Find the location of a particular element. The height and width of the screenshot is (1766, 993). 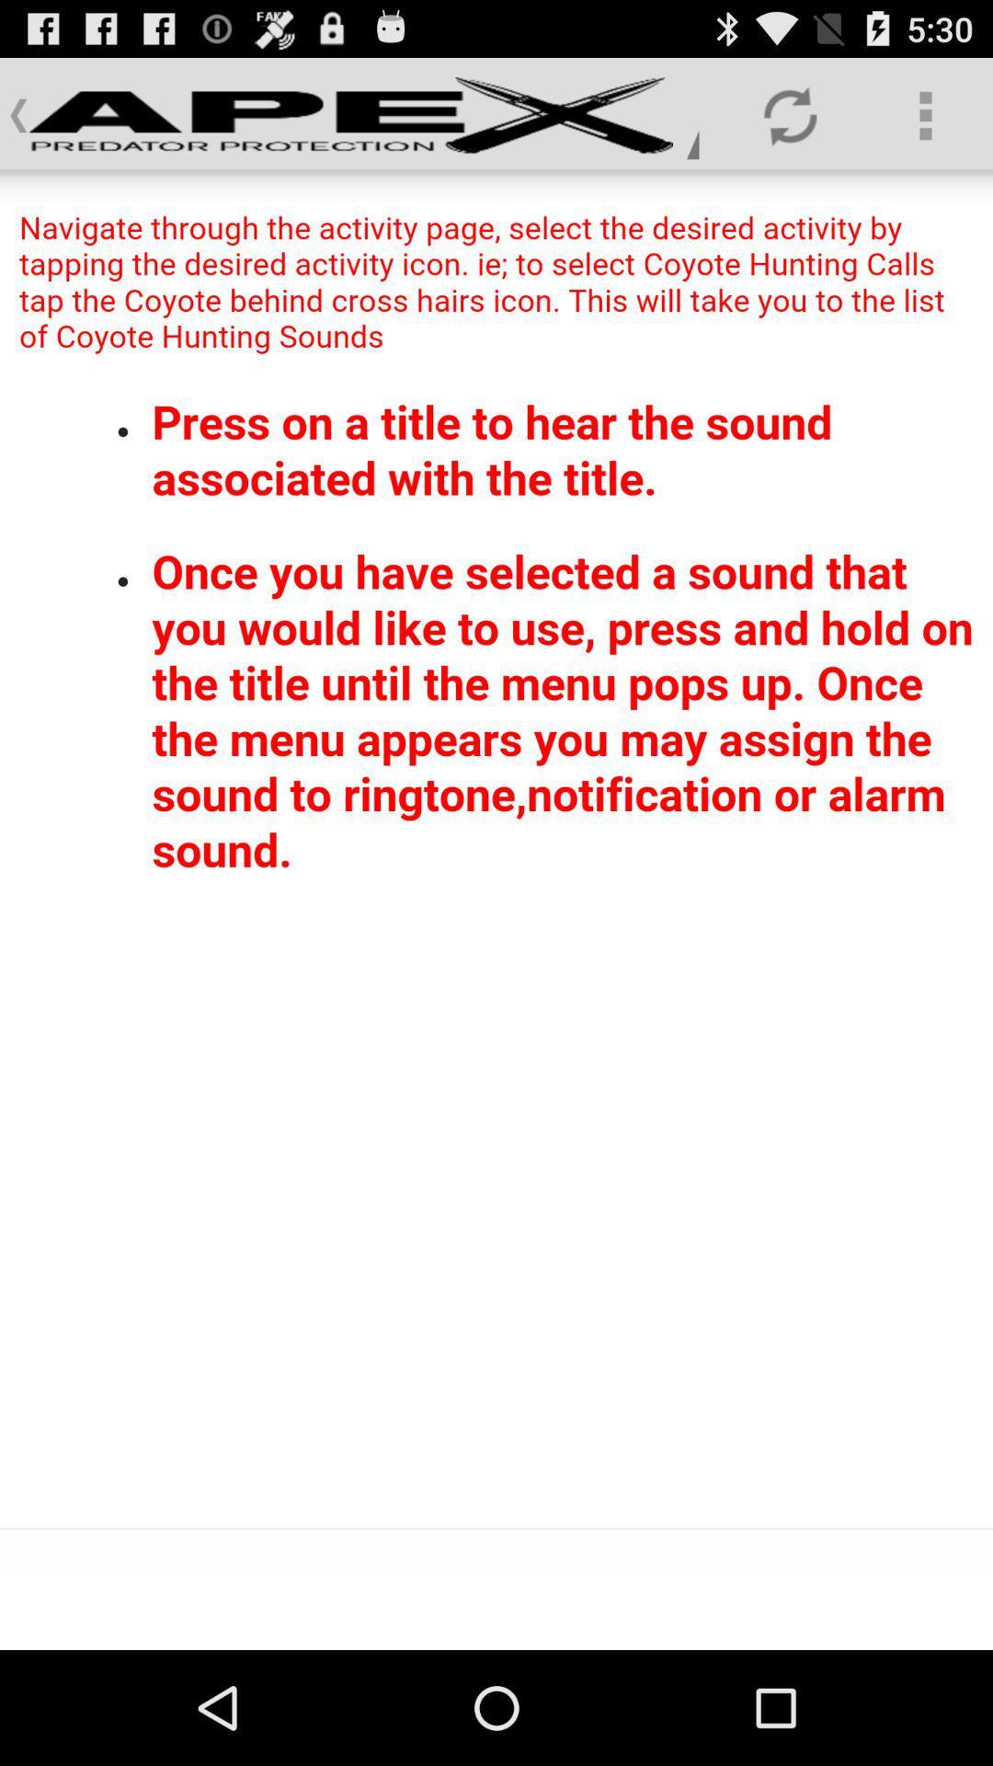

click the screen is located at coordinates (496, 850).